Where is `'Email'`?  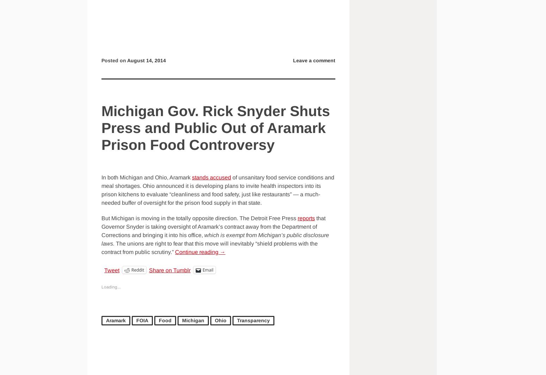
'Email' is located at coordinates (207, 269).